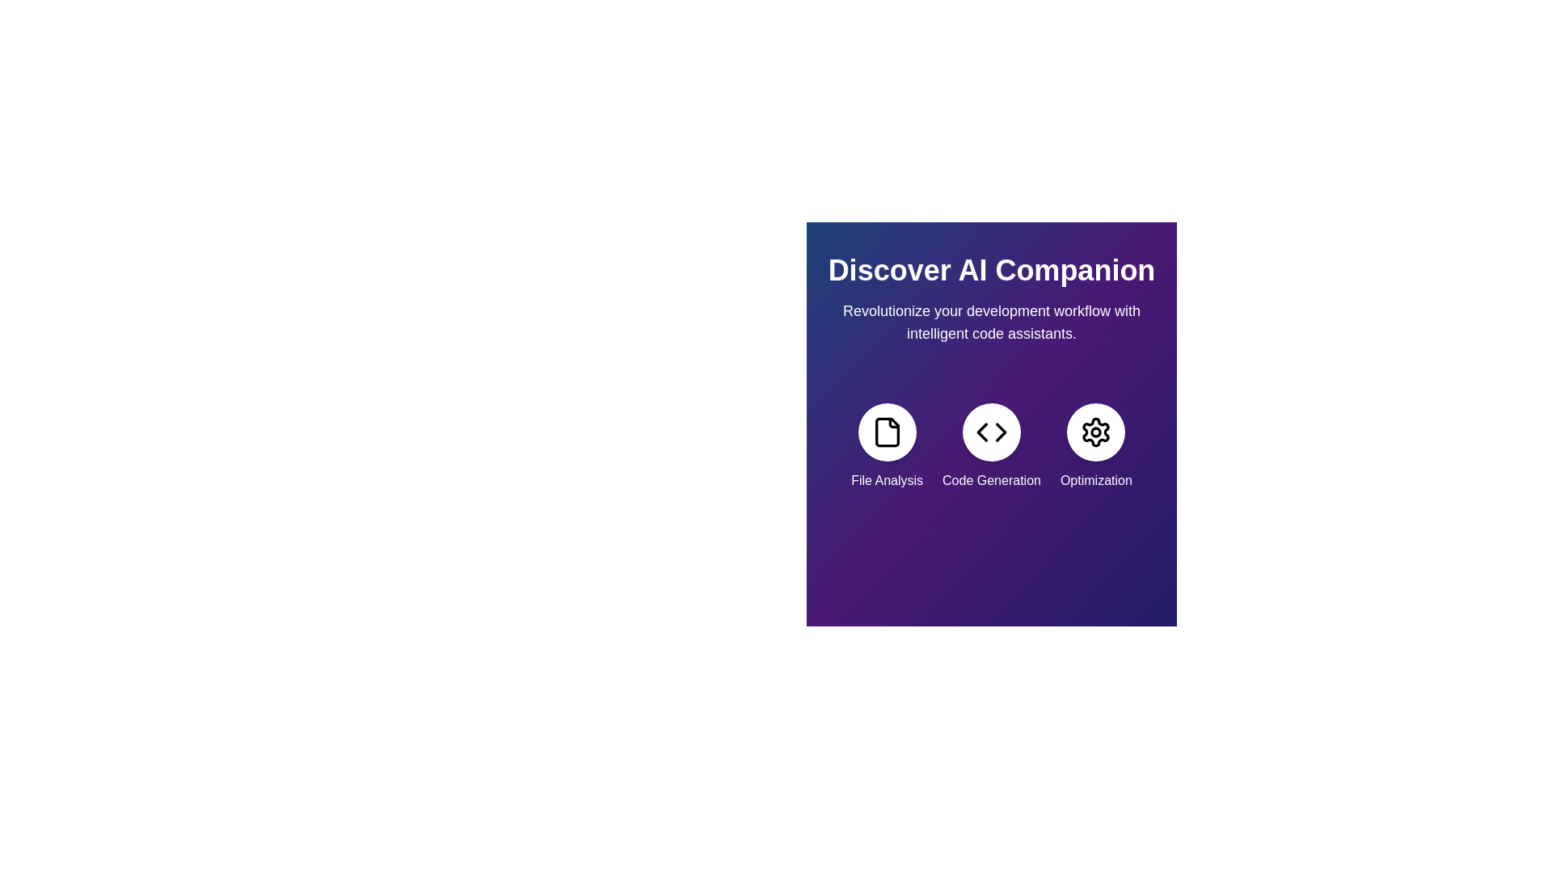  I want to click on the gear icon, which is the rightmost icon in a horizontal set of three icons, so click(1096, 432).